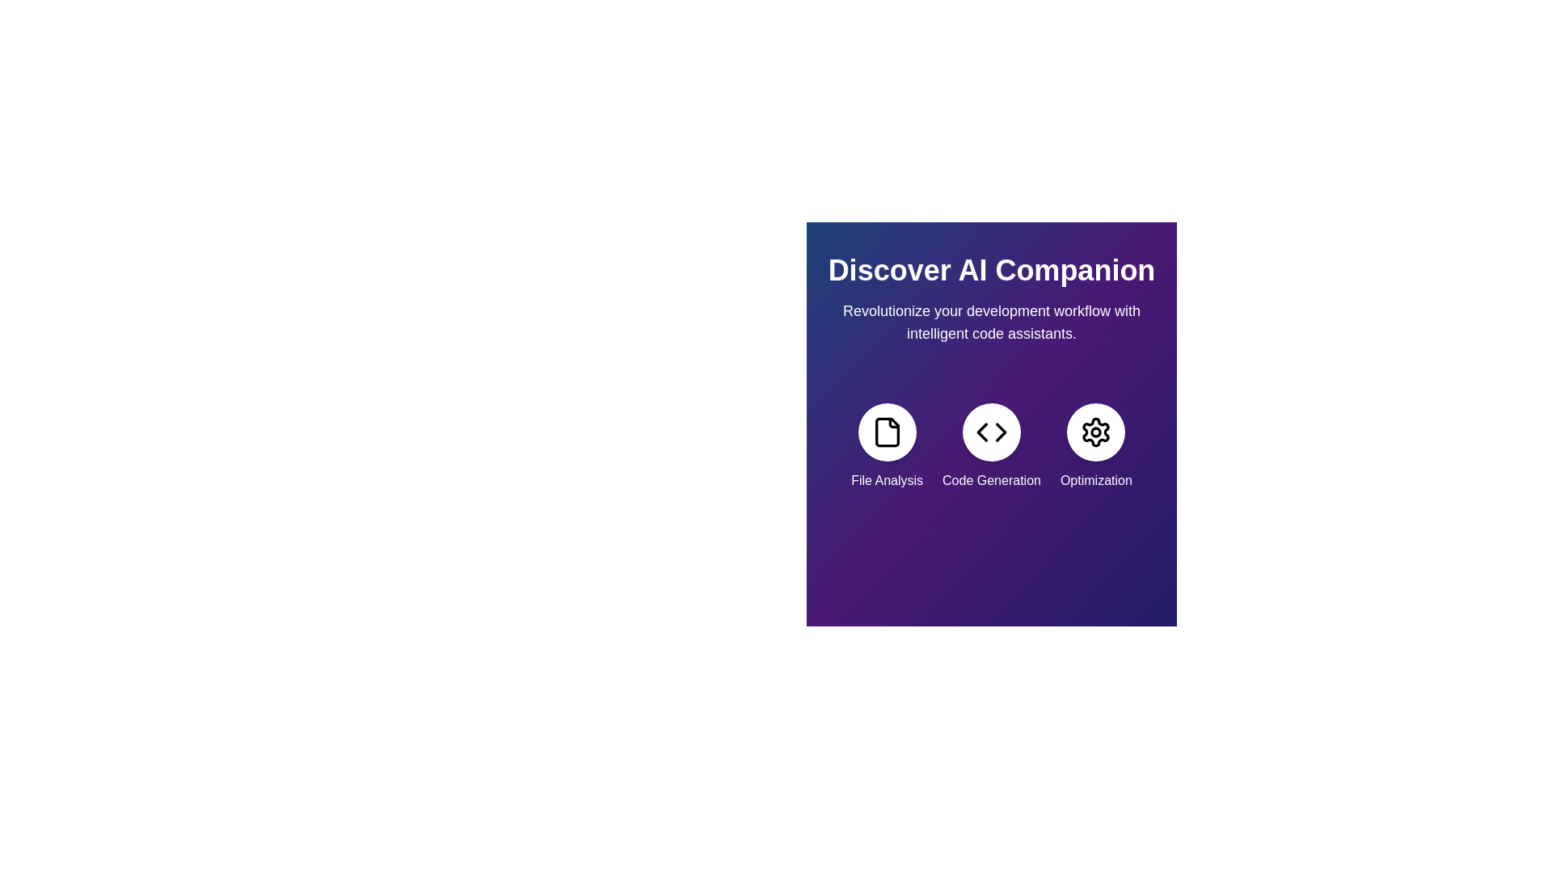  I want to click on the gear icon, which is the rightmost icon in a horizontal set of three icons, so click(1096, 432).